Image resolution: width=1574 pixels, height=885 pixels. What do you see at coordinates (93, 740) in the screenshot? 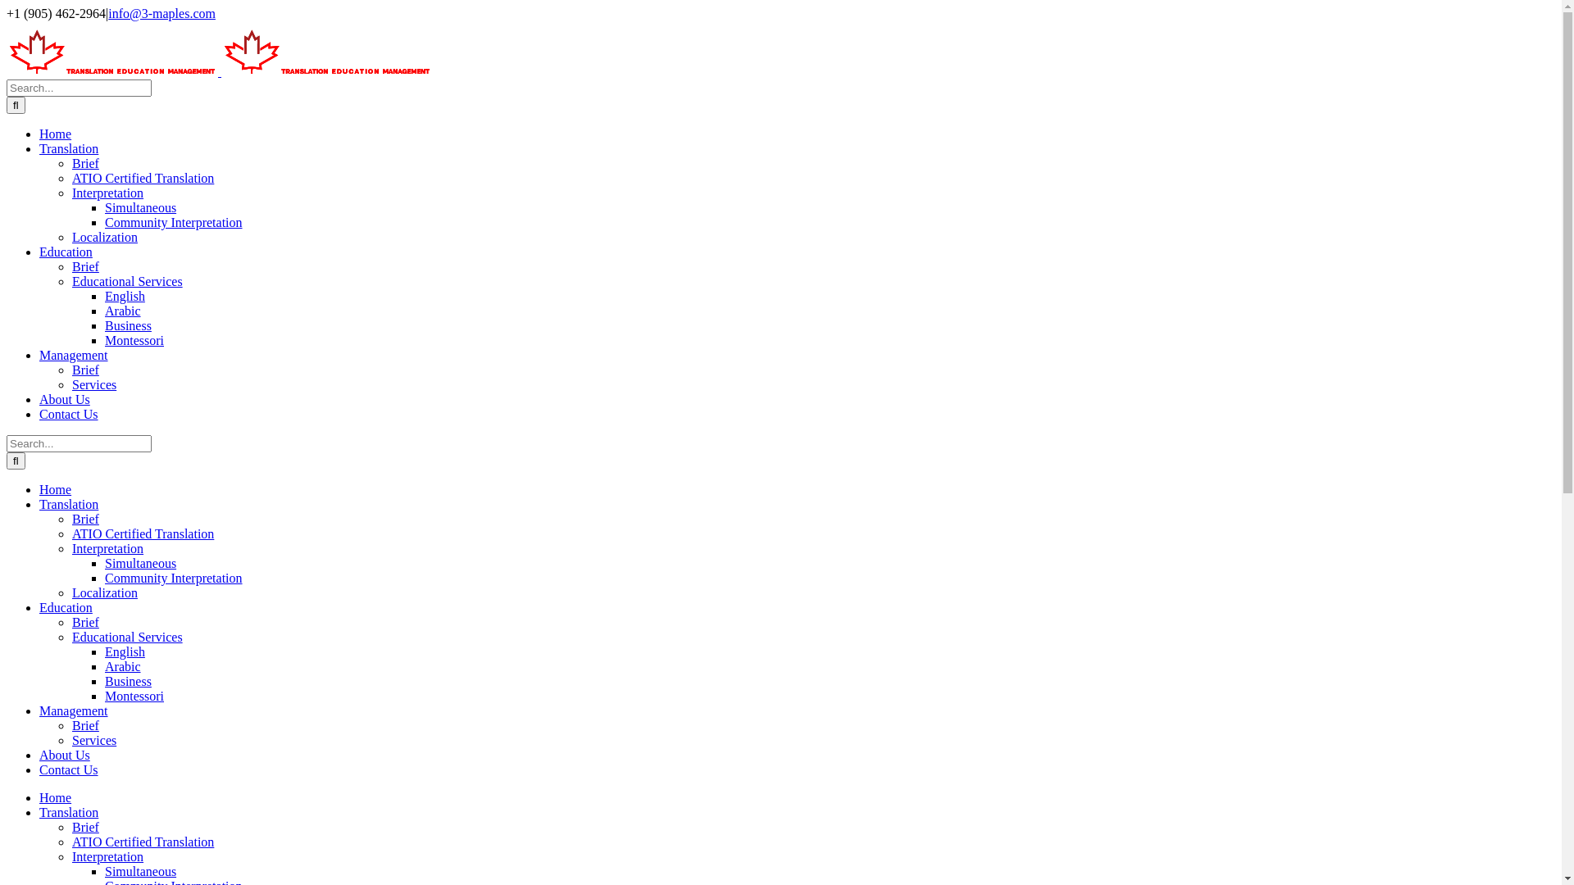
I see `'Services'` at bounding box center [93, 740].